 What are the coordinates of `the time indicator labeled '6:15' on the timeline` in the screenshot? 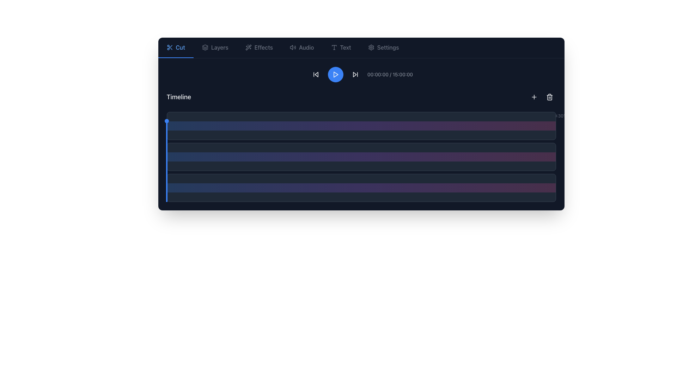 It's located at (400, 116).